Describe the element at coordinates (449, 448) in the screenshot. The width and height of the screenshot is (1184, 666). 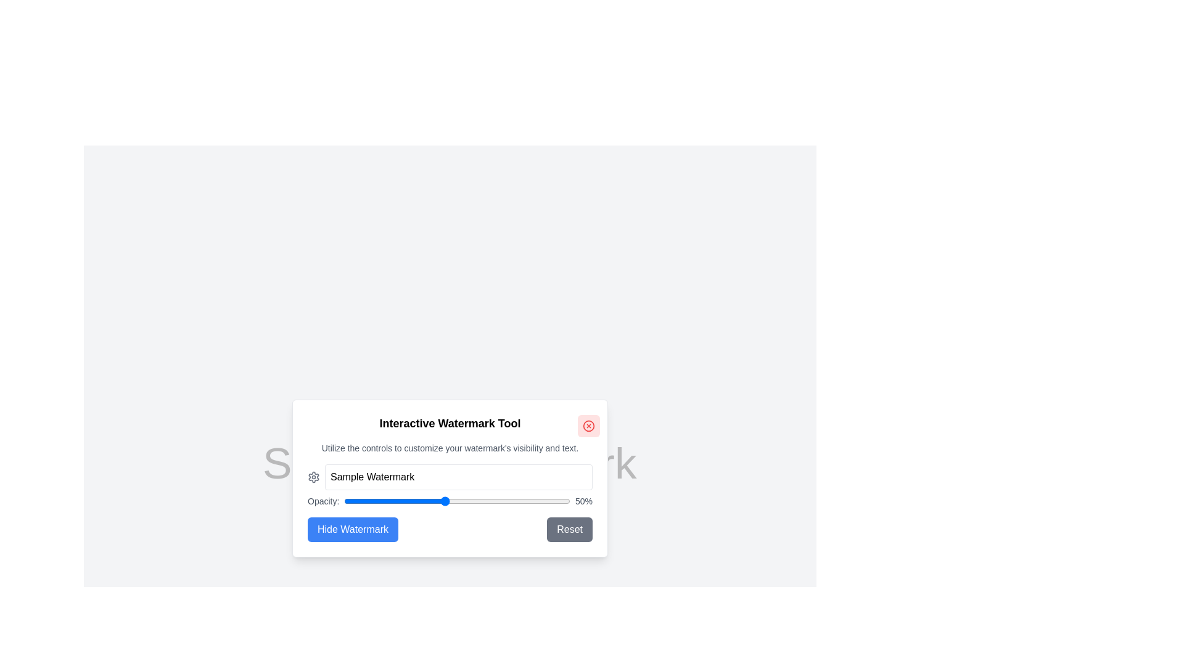
I see `the static text that reads 'Utilize the controls to customize your watermark's visibility and text.', which is located below the heading 'Interactive Watermark Tool'` at that location.